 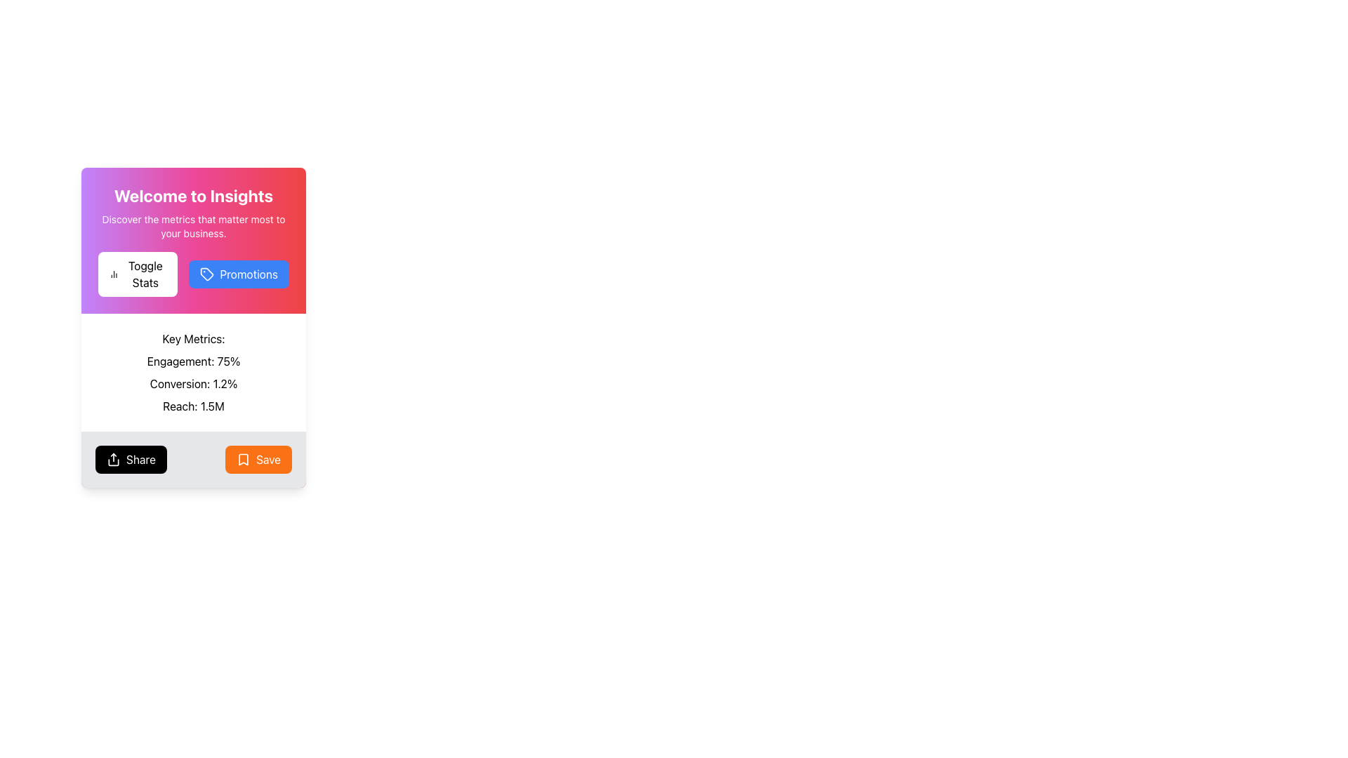 What do you see at coordinates (192, 372) in the screenshot?
I see `the Informational Text Section that contains the title 'Key Metrics:' and data points such as 'Engagement: 75%', 'Conversion: 1.2%', and 'Reach: 1.5M'` at bounding box center [192, 372].